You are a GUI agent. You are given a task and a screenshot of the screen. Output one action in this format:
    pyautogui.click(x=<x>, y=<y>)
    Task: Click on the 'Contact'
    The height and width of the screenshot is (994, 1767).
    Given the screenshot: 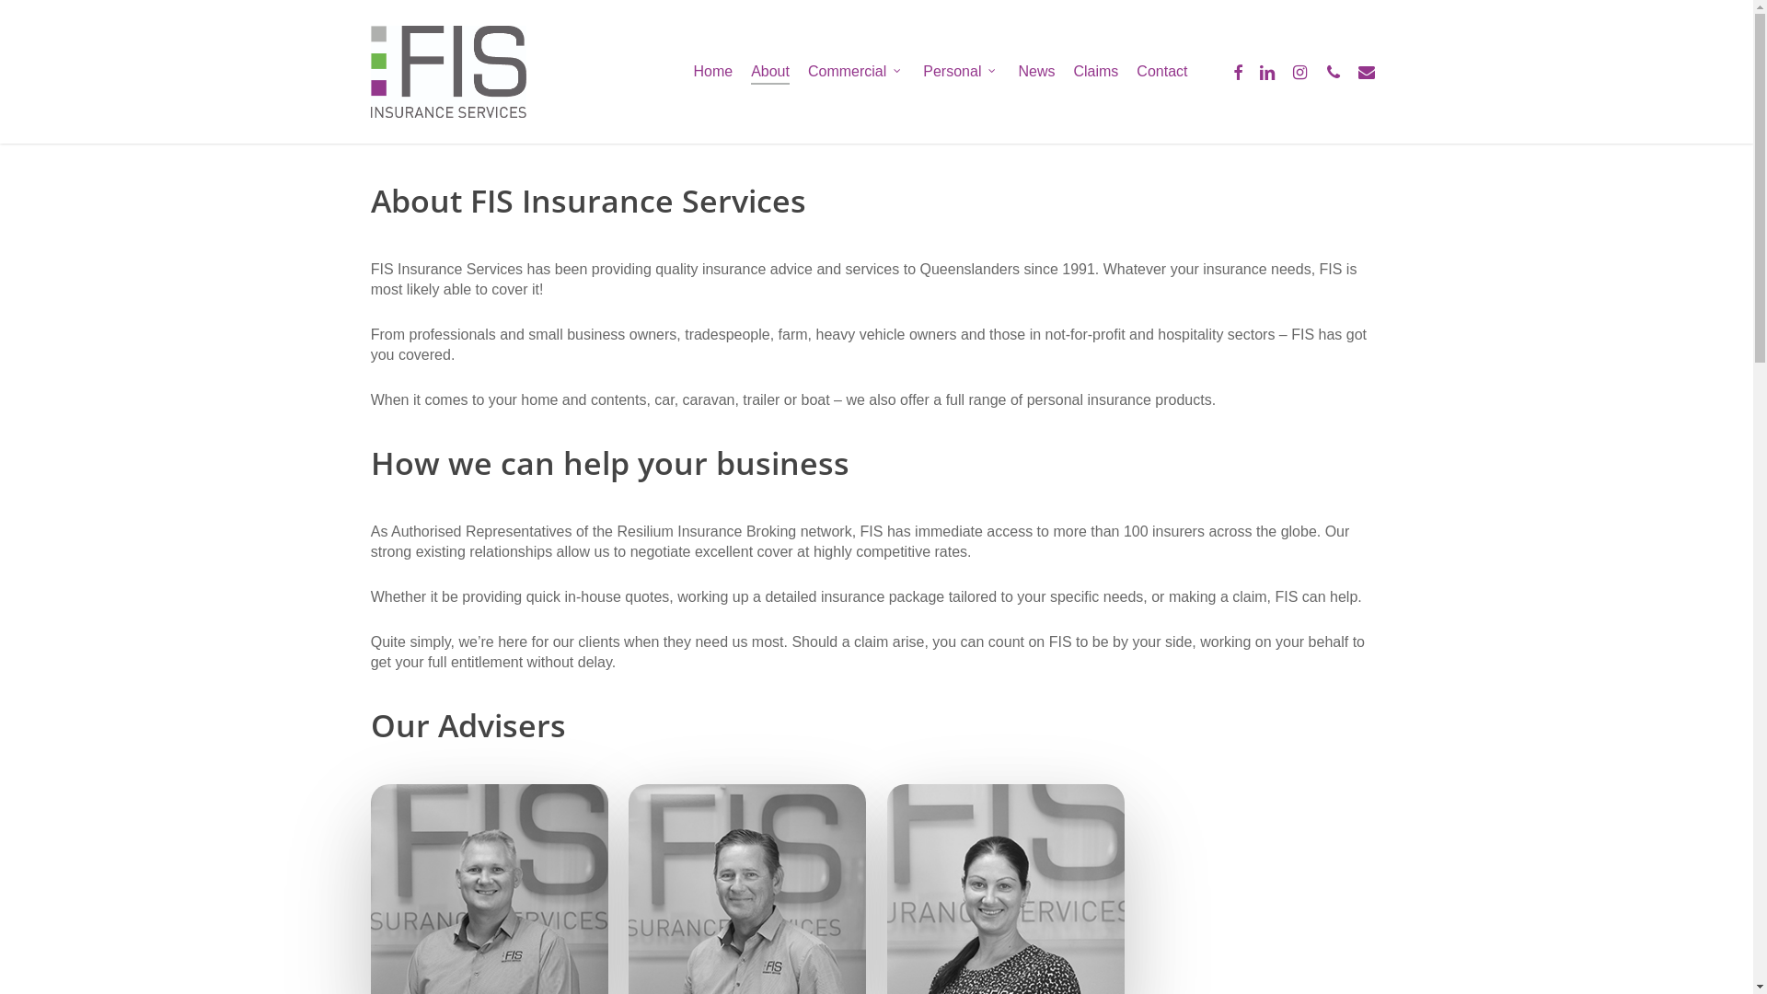 What is the action you would take?
    pyautogui.click(x=1161, y=70)
    